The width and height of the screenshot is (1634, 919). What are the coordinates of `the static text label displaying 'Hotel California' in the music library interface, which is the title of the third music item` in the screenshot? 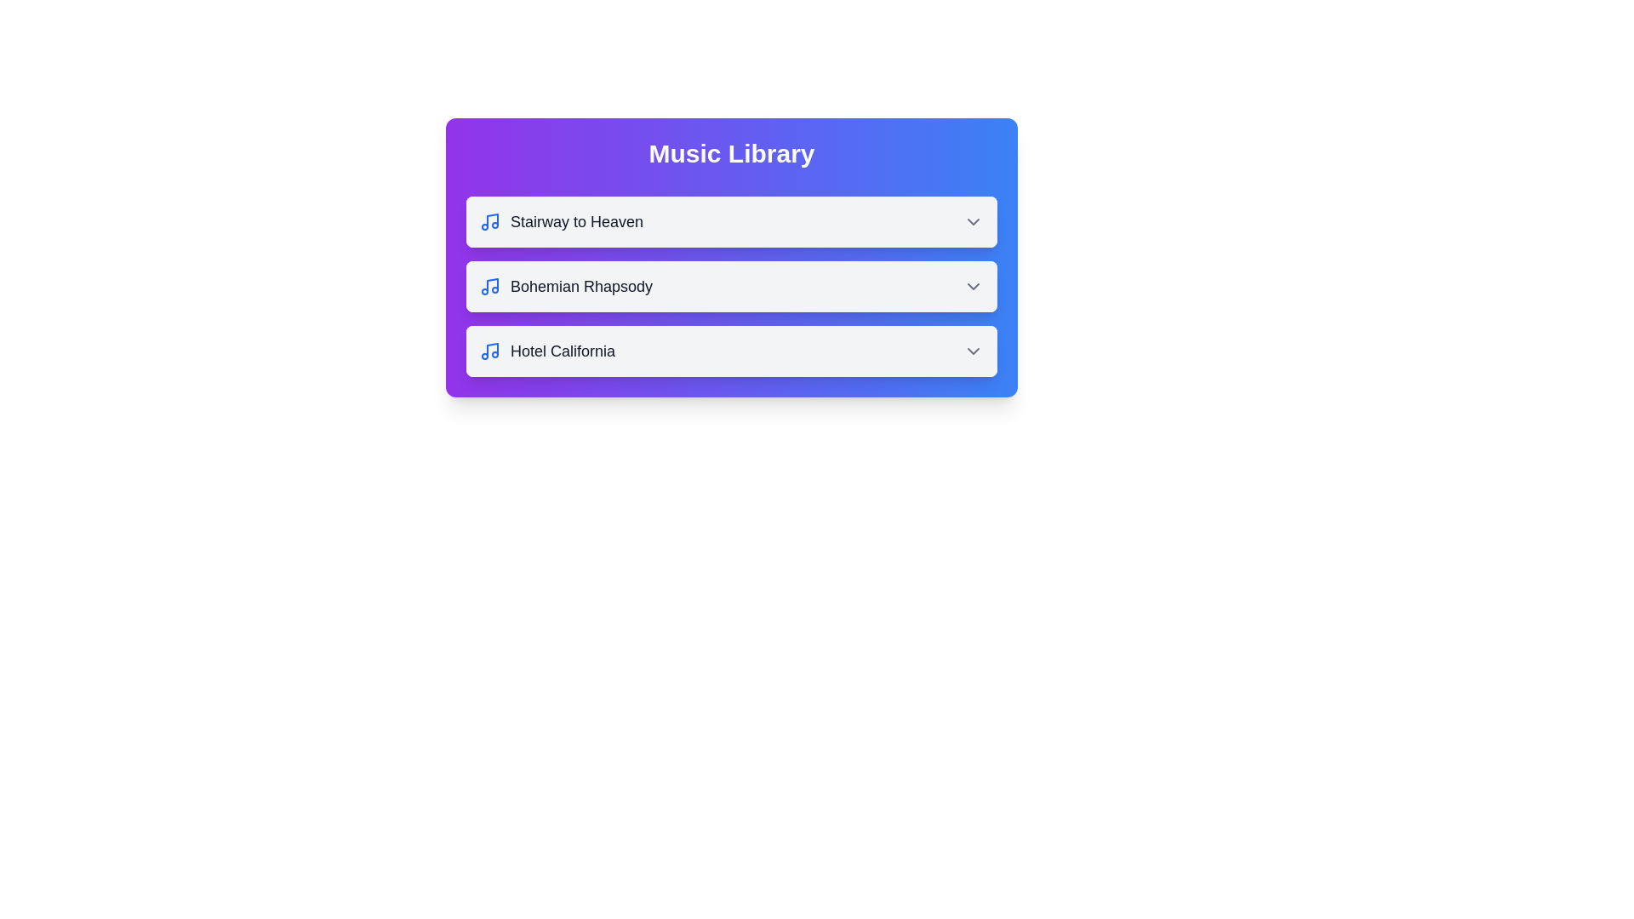 It's located at (563, 350).